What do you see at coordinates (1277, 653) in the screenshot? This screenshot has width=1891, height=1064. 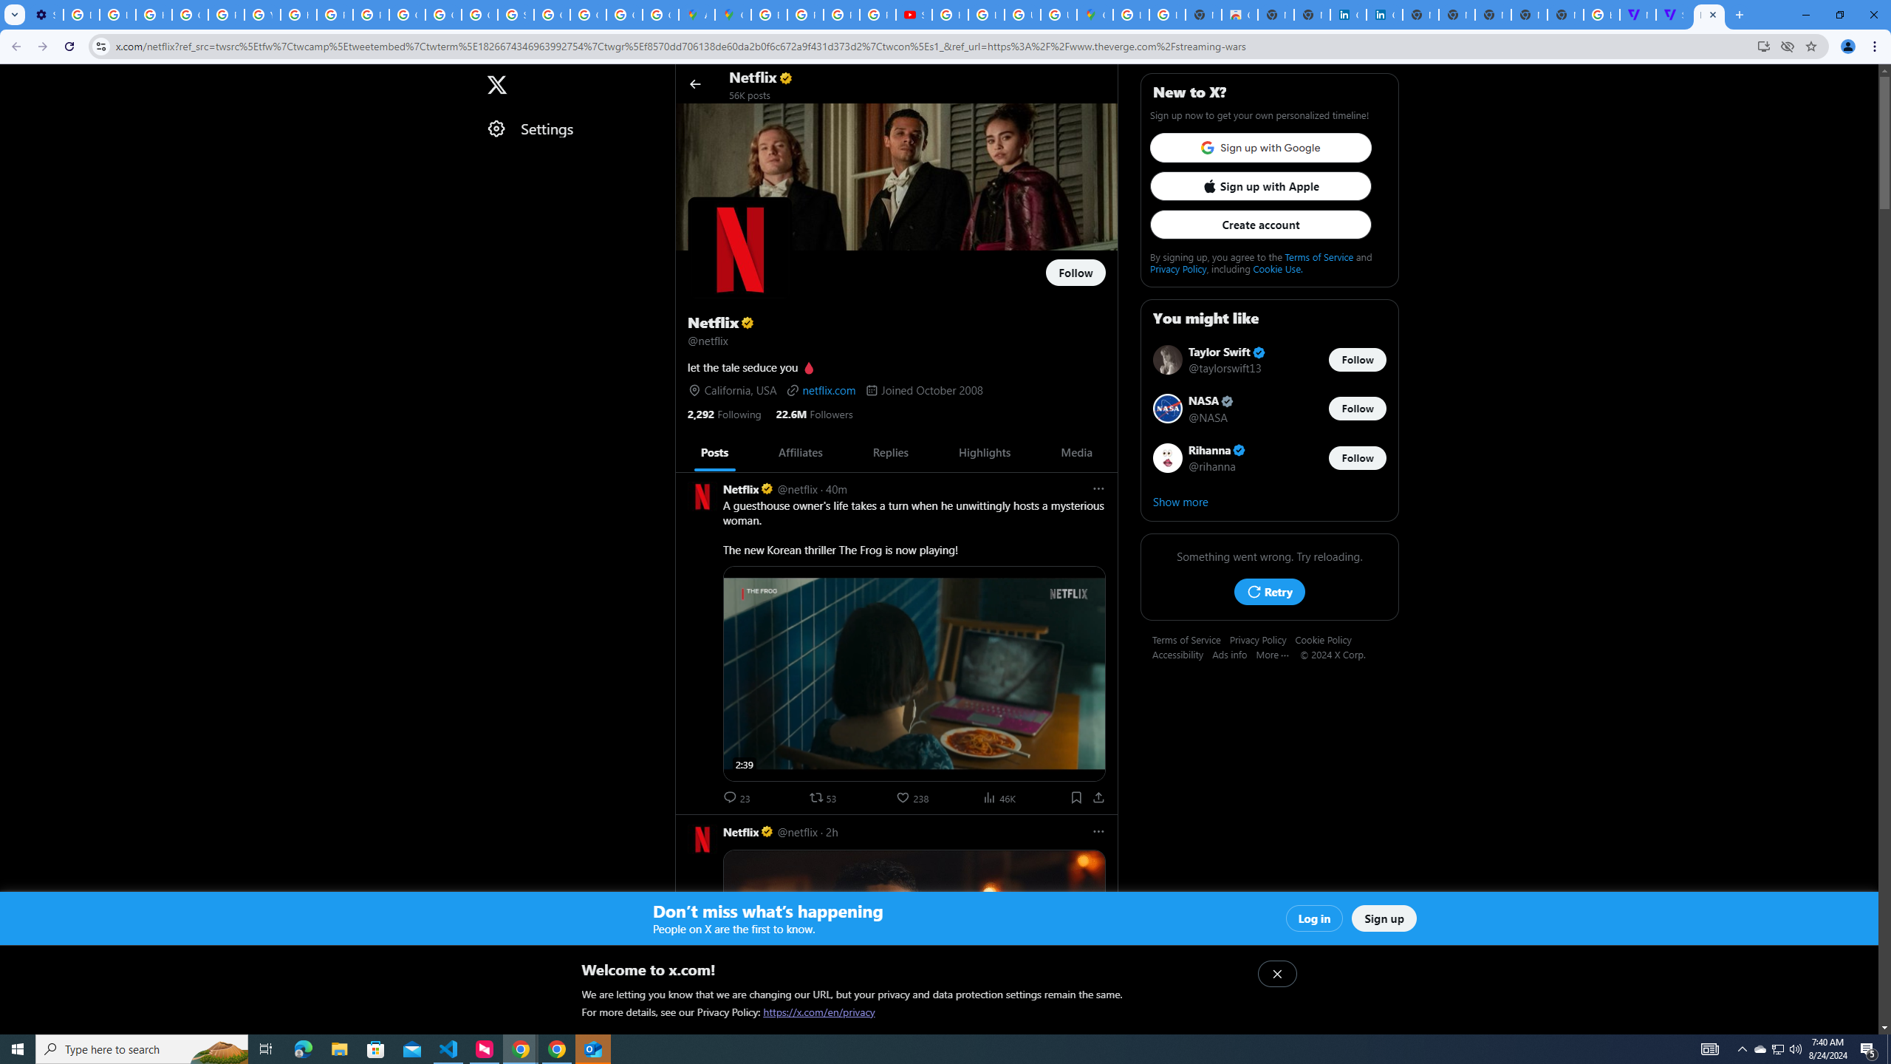 I see `'More'` at bounding box center [1277, 653].